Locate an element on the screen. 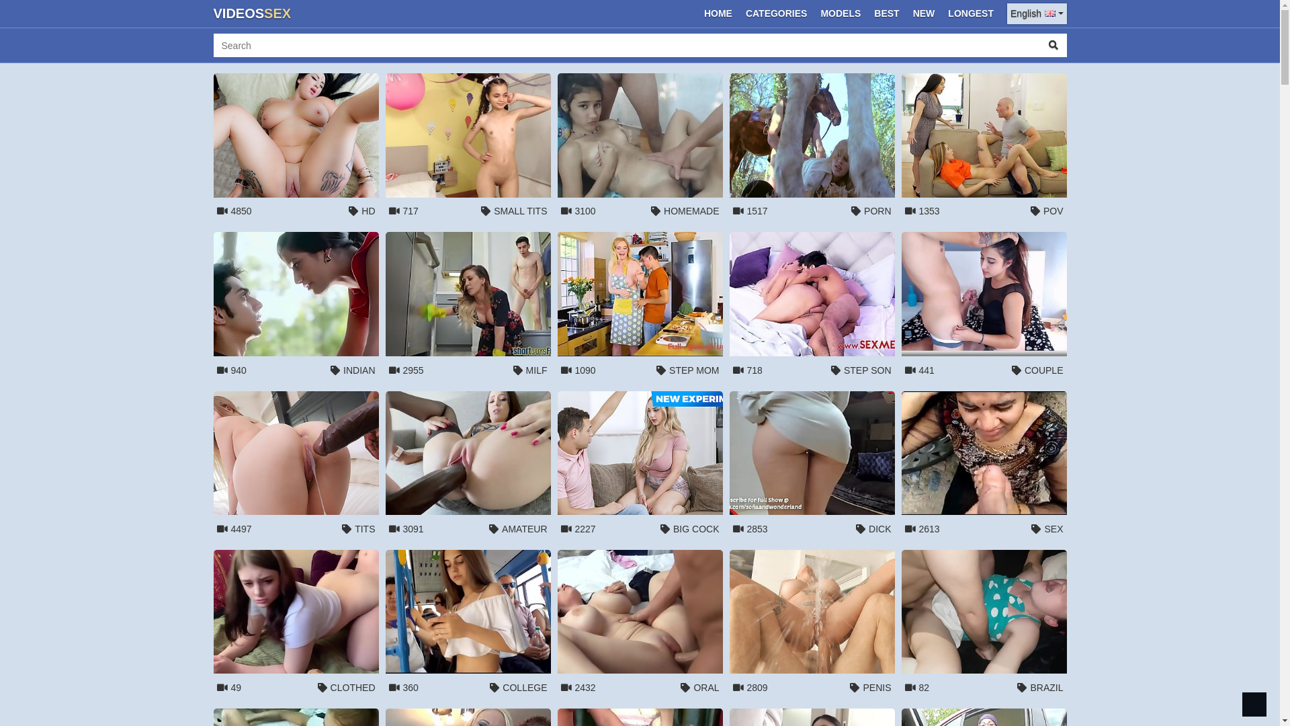  'BEST' is located at coordinates (886, 13).